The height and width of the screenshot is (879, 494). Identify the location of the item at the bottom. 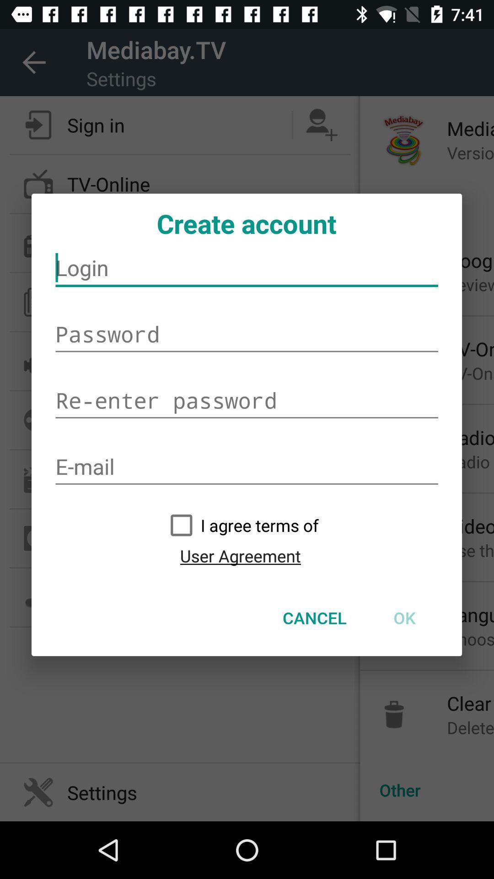
(314, 618).